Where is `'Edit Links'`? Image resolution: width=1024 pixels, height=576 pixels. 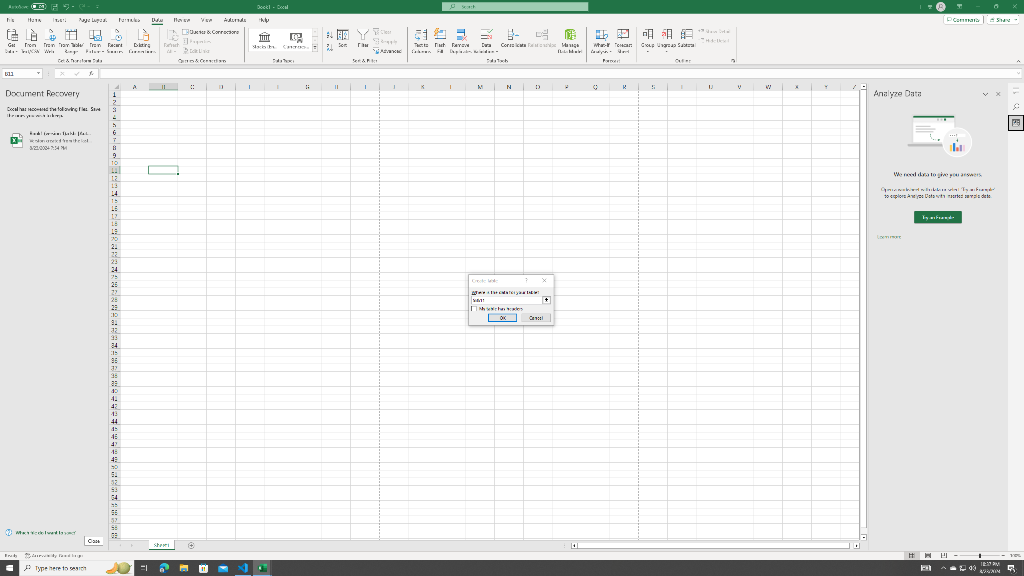 'Edit Links' is located at coordinates (196, 51).